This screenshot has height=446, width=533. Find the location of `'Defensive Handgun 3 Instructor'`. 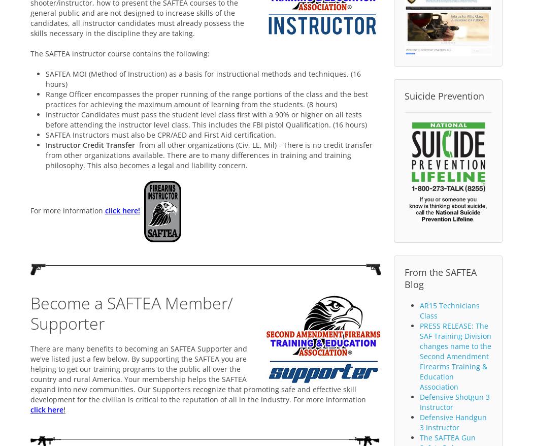

'Defensive Handgun 3 Instructor' is located at coordinates (453, 422).